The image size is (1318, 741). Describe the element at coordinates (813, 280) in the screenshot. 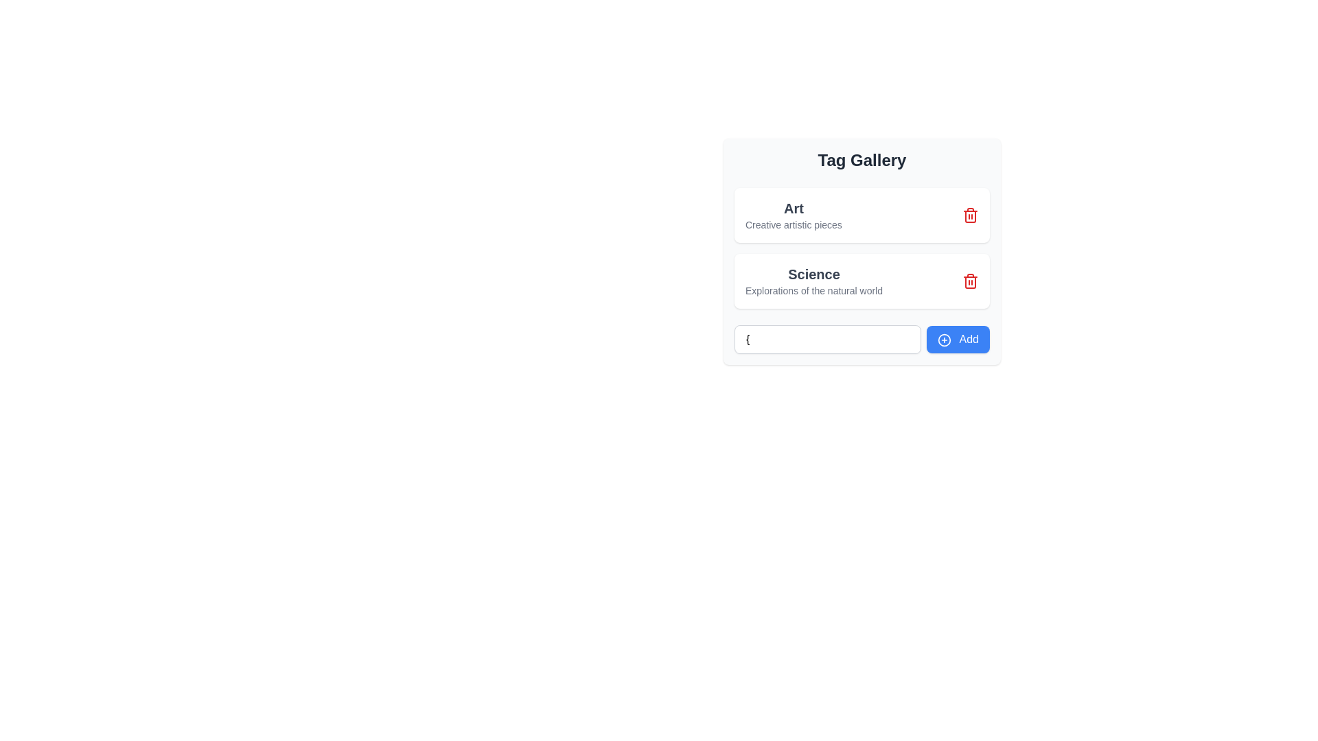

I see `the Text display component featuring the title 'Science' and subtitle 'Explorations of the natural world', which is located in the second entry of a vertical list of cards` at that location.